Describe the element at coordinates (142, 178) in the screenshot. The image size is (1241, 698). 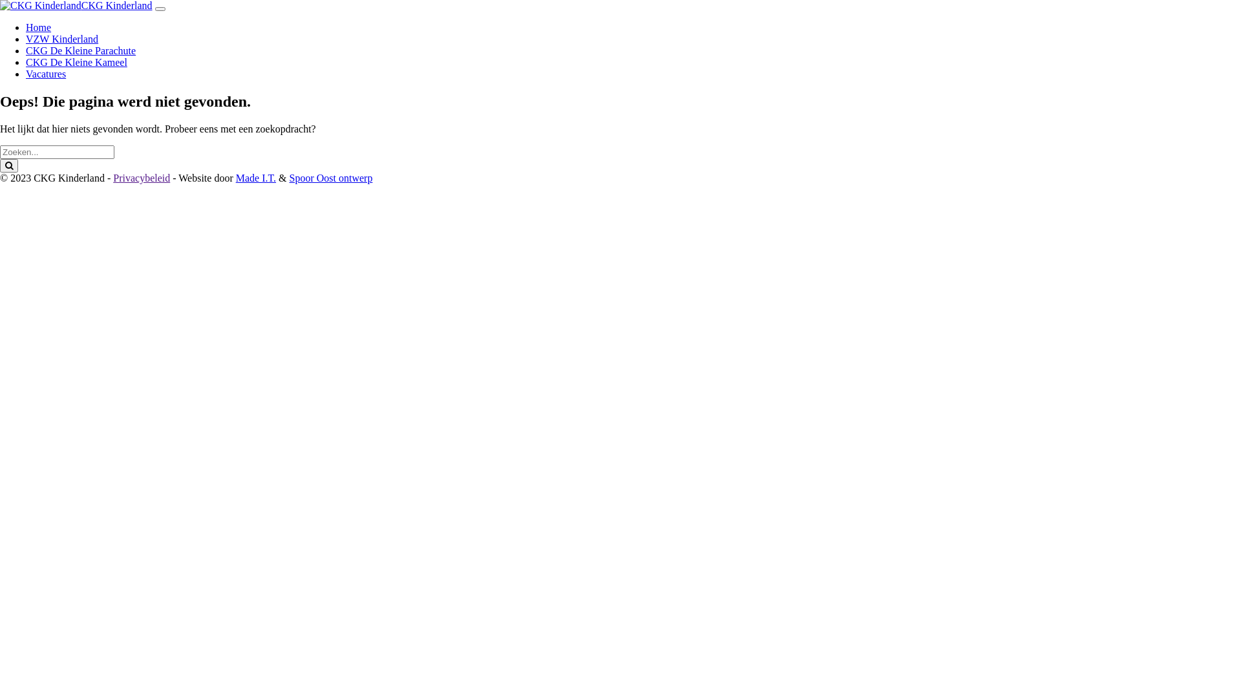
I see `'Privacybeleid'` at that location.